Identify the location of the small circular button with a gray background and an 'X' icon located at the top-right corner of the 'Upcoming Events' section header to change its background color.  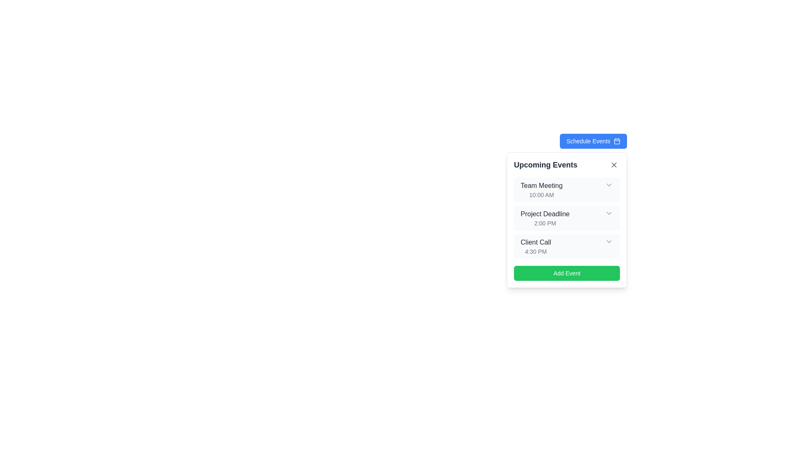
(614, 165).